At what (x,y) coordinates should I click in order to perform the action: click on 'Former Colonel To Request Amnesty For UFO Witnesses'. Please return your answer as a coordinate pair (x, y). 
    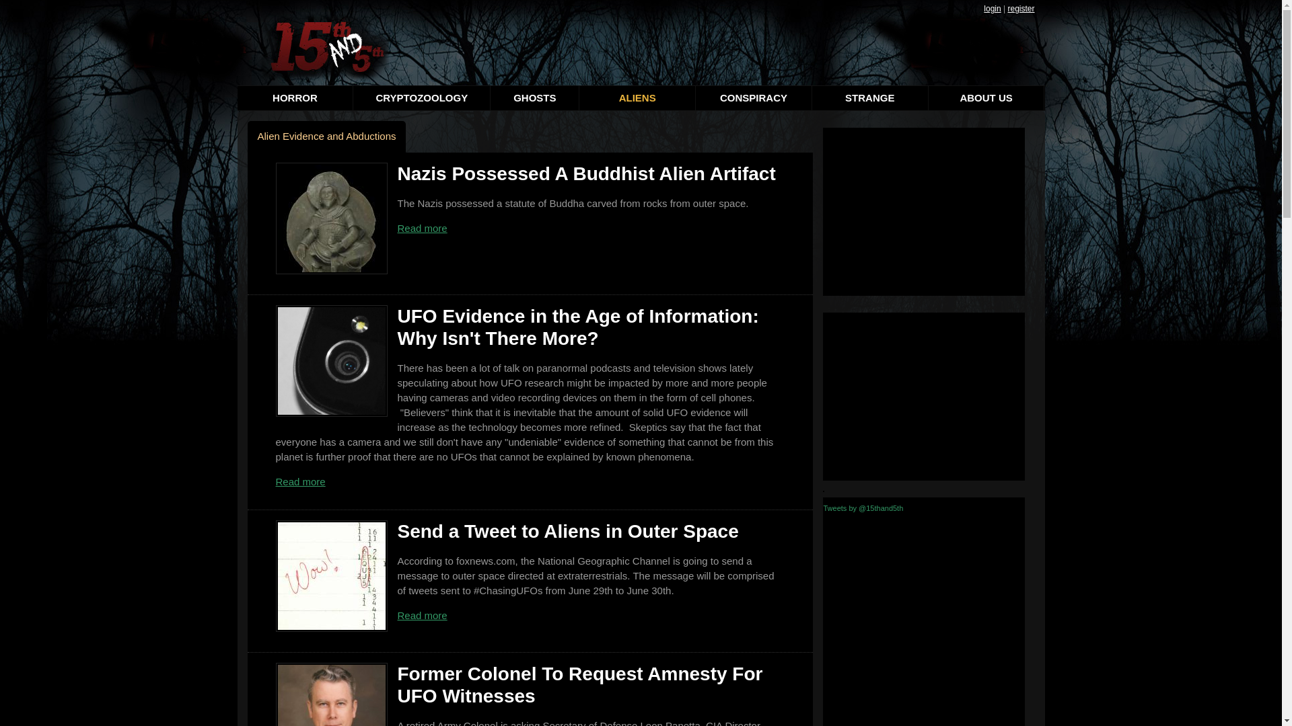
    Looking at the image, I should click on (579, 684).